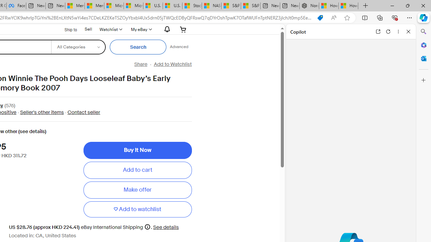 This screenshot has height=242, width=431. I want to click on 'Your shopping cart', so click(183, 29).